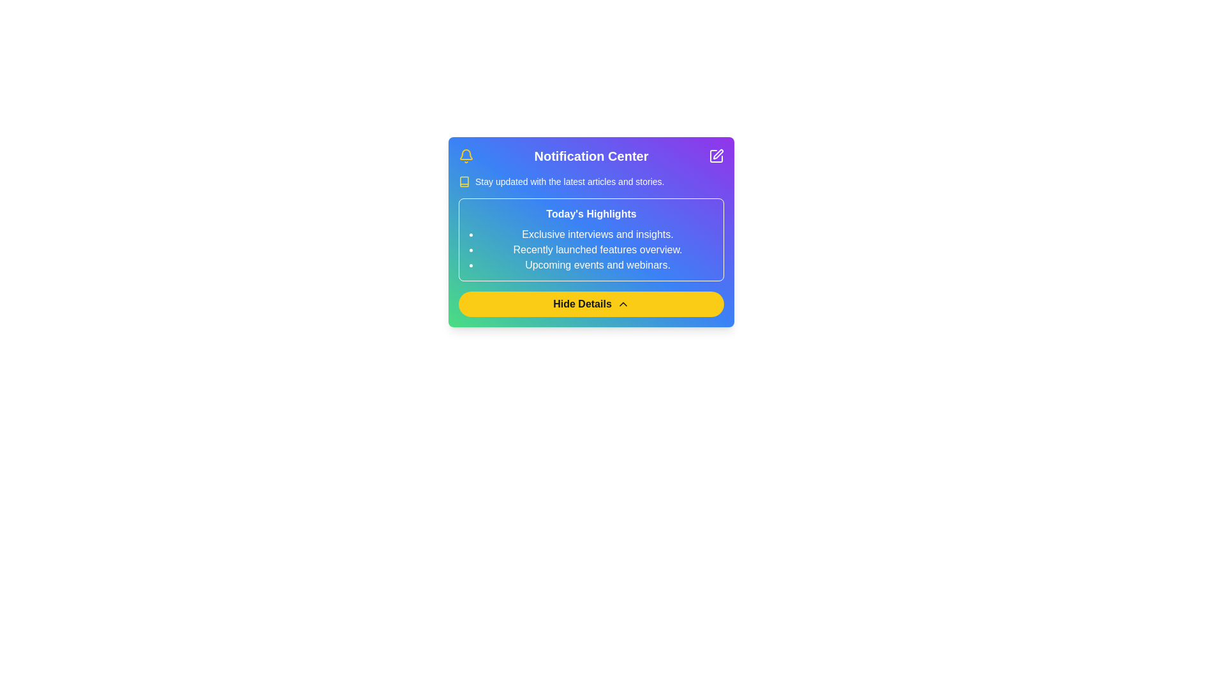  Describe the element at coordinates (597, 265) in the screenshot. I see `the text element displaying 'Upcoming events and webinars.' which is the third item in the bulleted list under 'Today's Highlights' in the Notification Center` at that location.